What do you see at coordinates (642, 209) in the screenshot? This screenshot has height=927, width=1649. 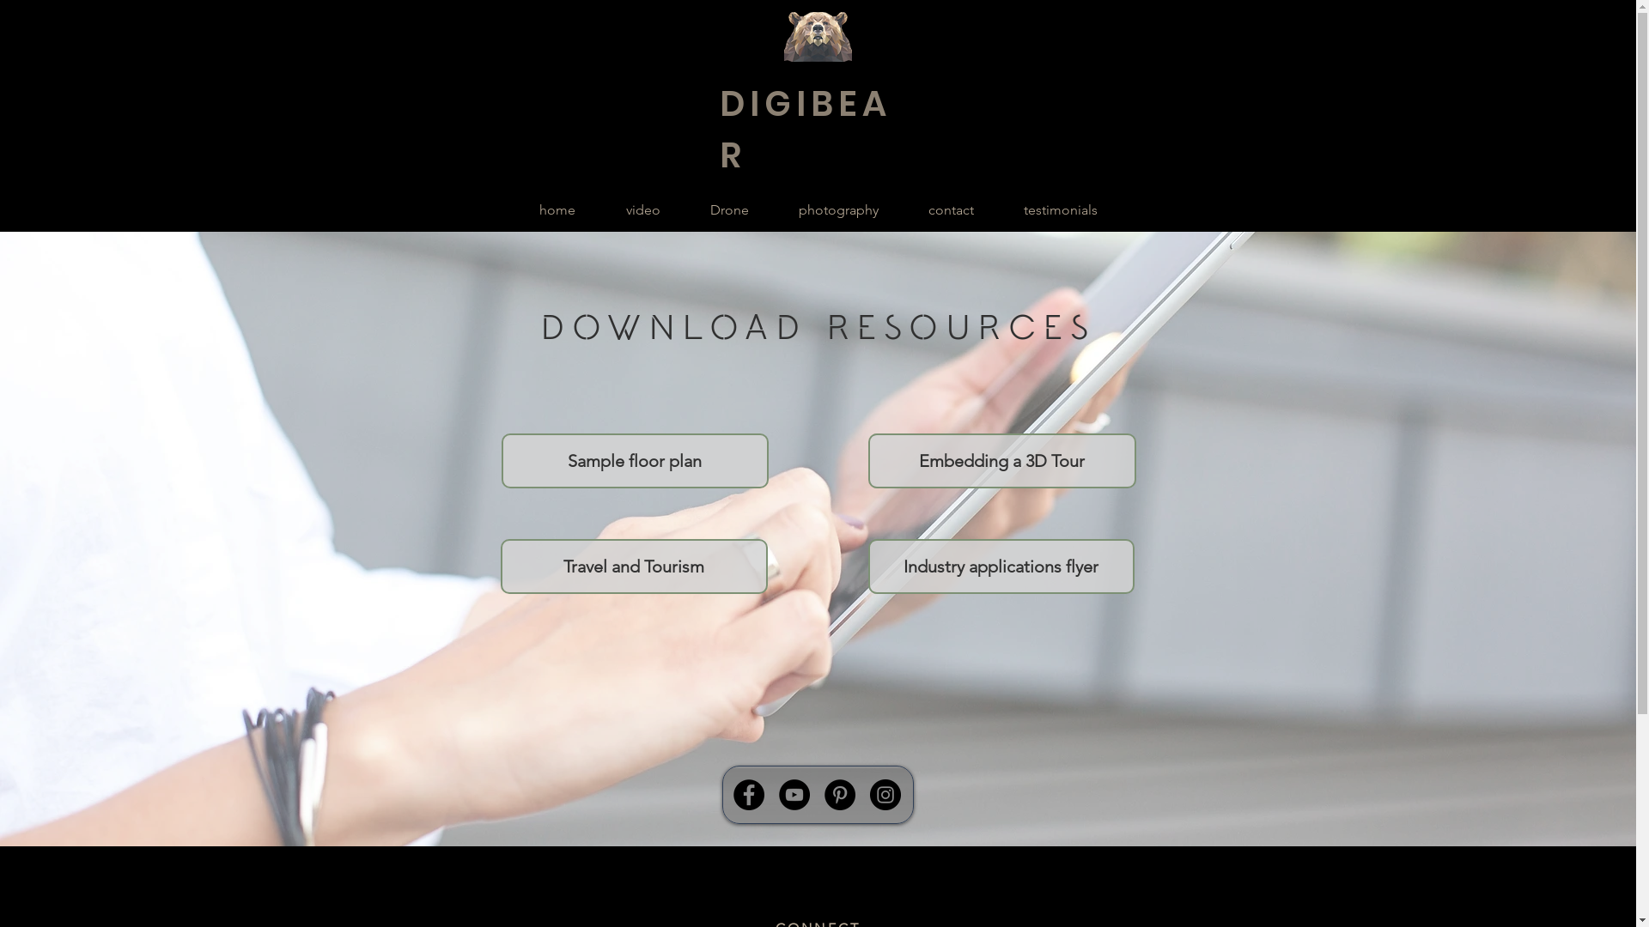 I see `'video'` at bounding box center [642, 209].